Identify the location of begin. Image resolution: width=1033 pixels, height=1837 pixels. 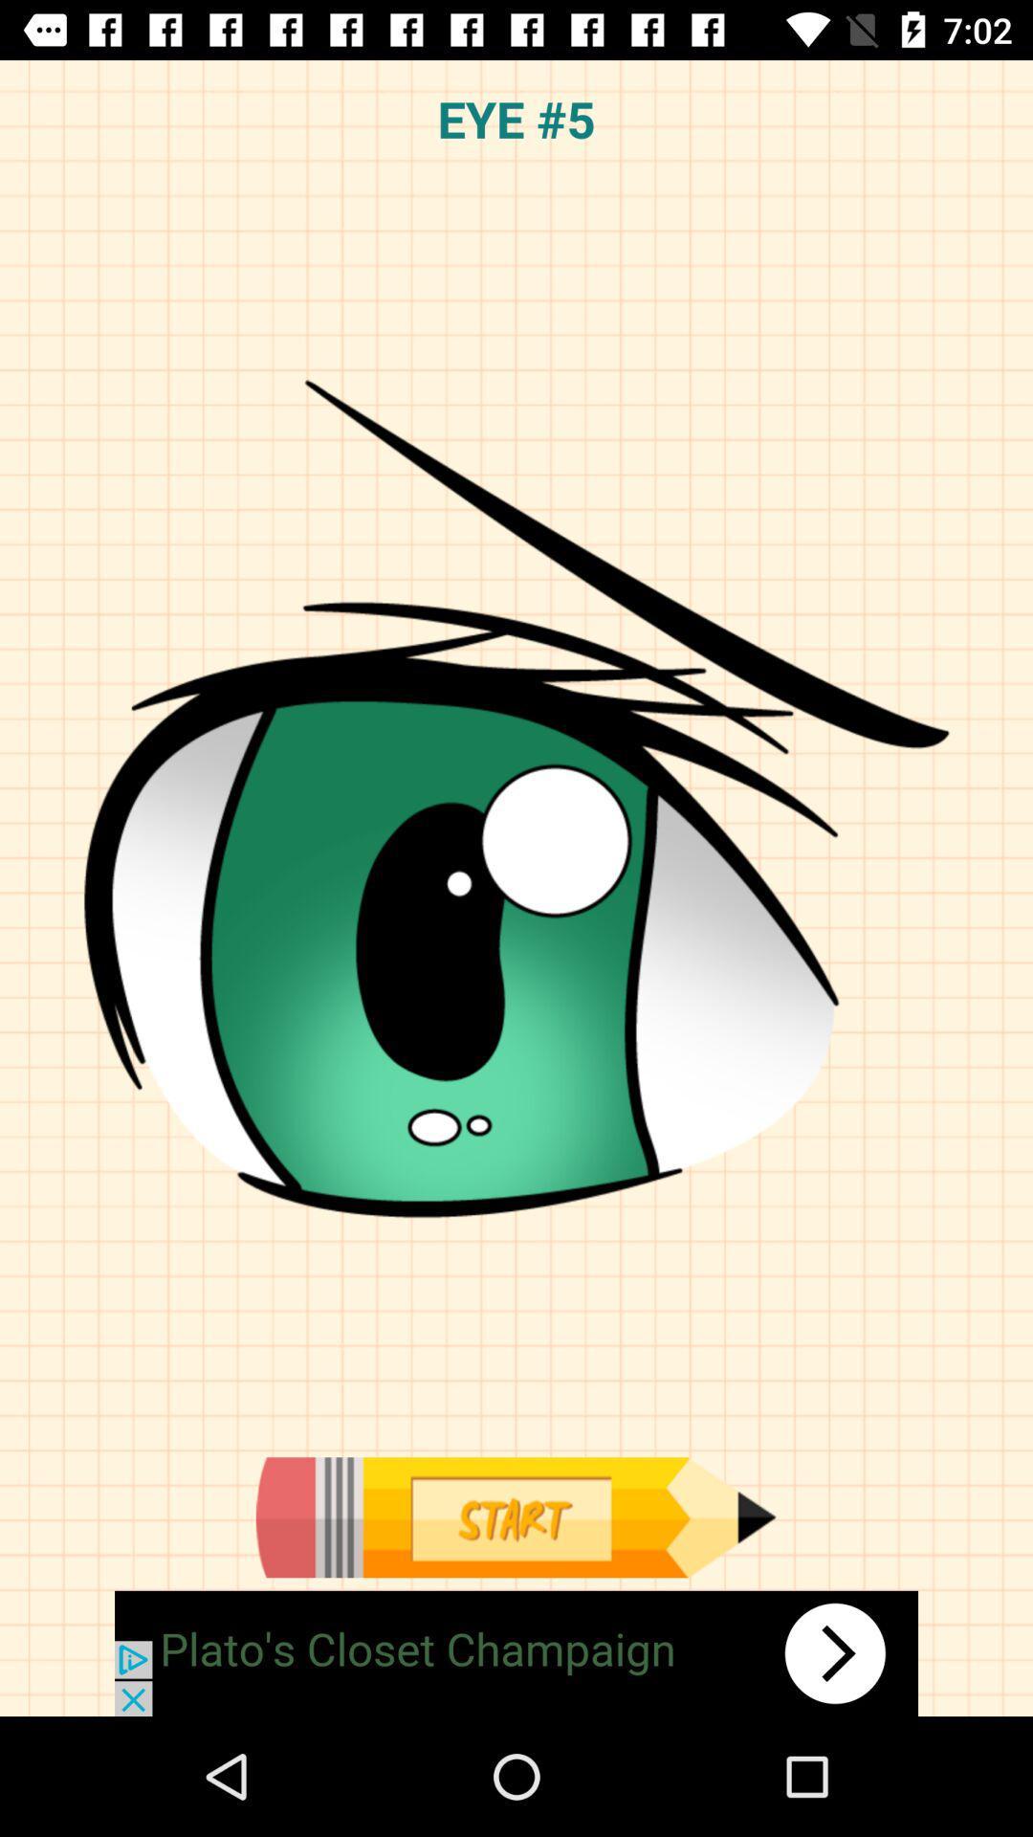
(515, 1516).